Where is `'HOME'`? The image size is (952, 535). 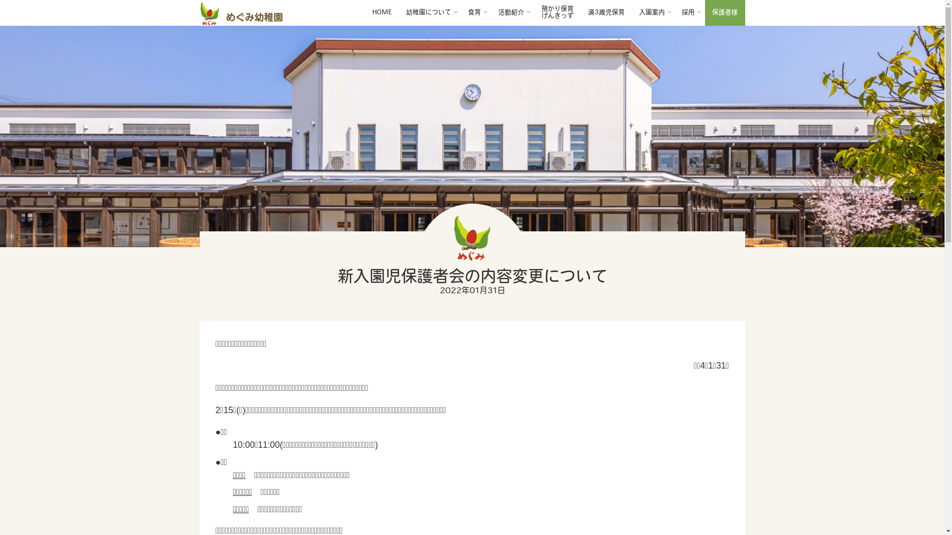
'HOME' is located at coordinates (381, 13).